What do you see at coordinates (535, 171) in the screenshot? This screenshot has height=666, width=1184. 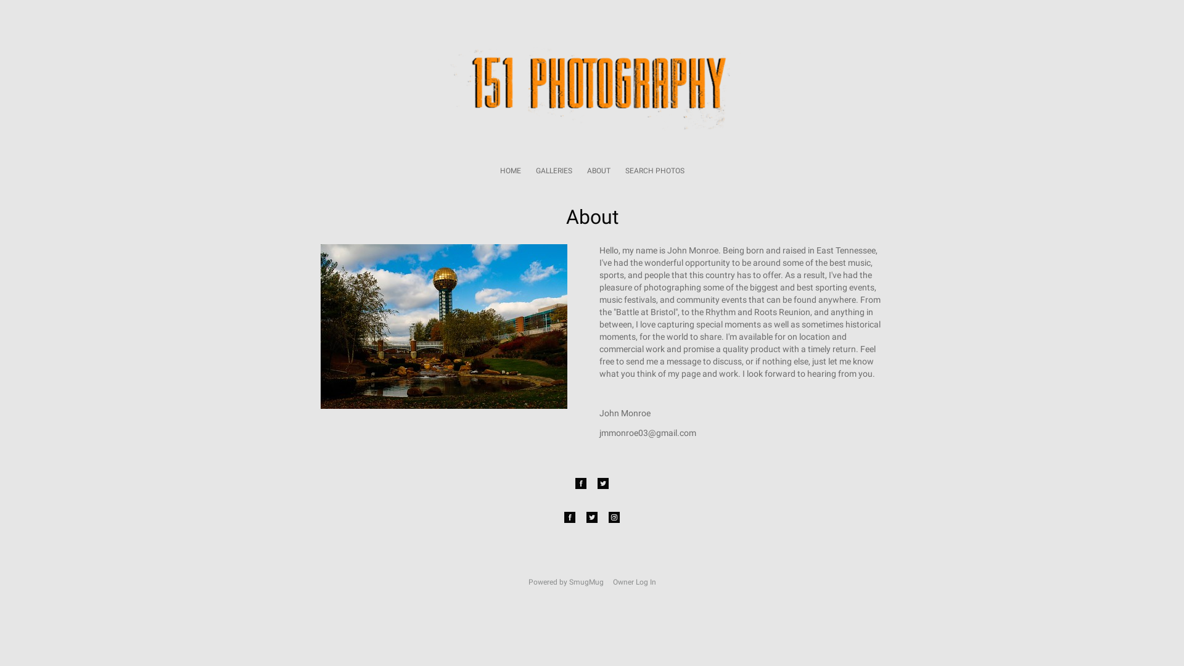 I see `'GALLERIES'` at bounding box center [535, 171].